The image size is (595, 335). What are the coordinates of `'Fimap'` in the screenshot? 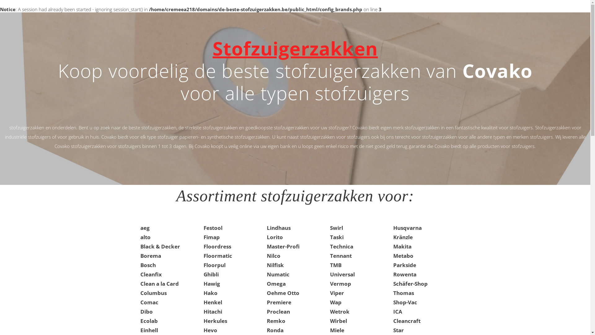 It's located at (211, 237).